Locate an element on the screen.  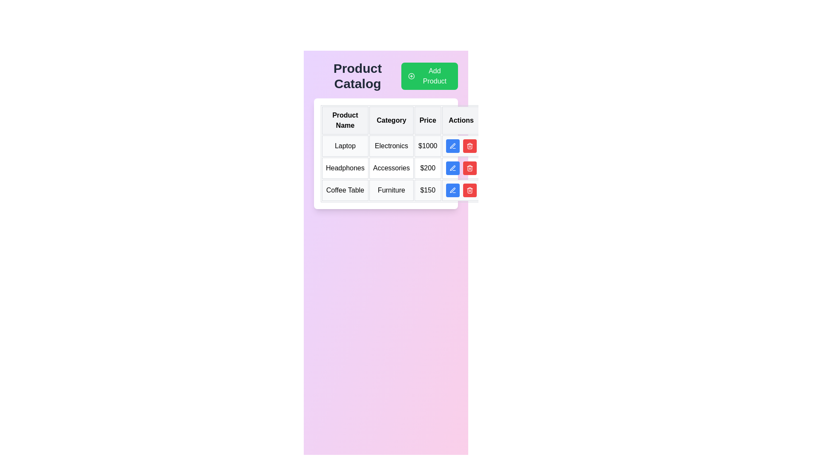
the action buttons in the button group for the 'Headphones' product located in the last column of the second row in the 'Actions' section of the table is located at coordinates (461, 168).